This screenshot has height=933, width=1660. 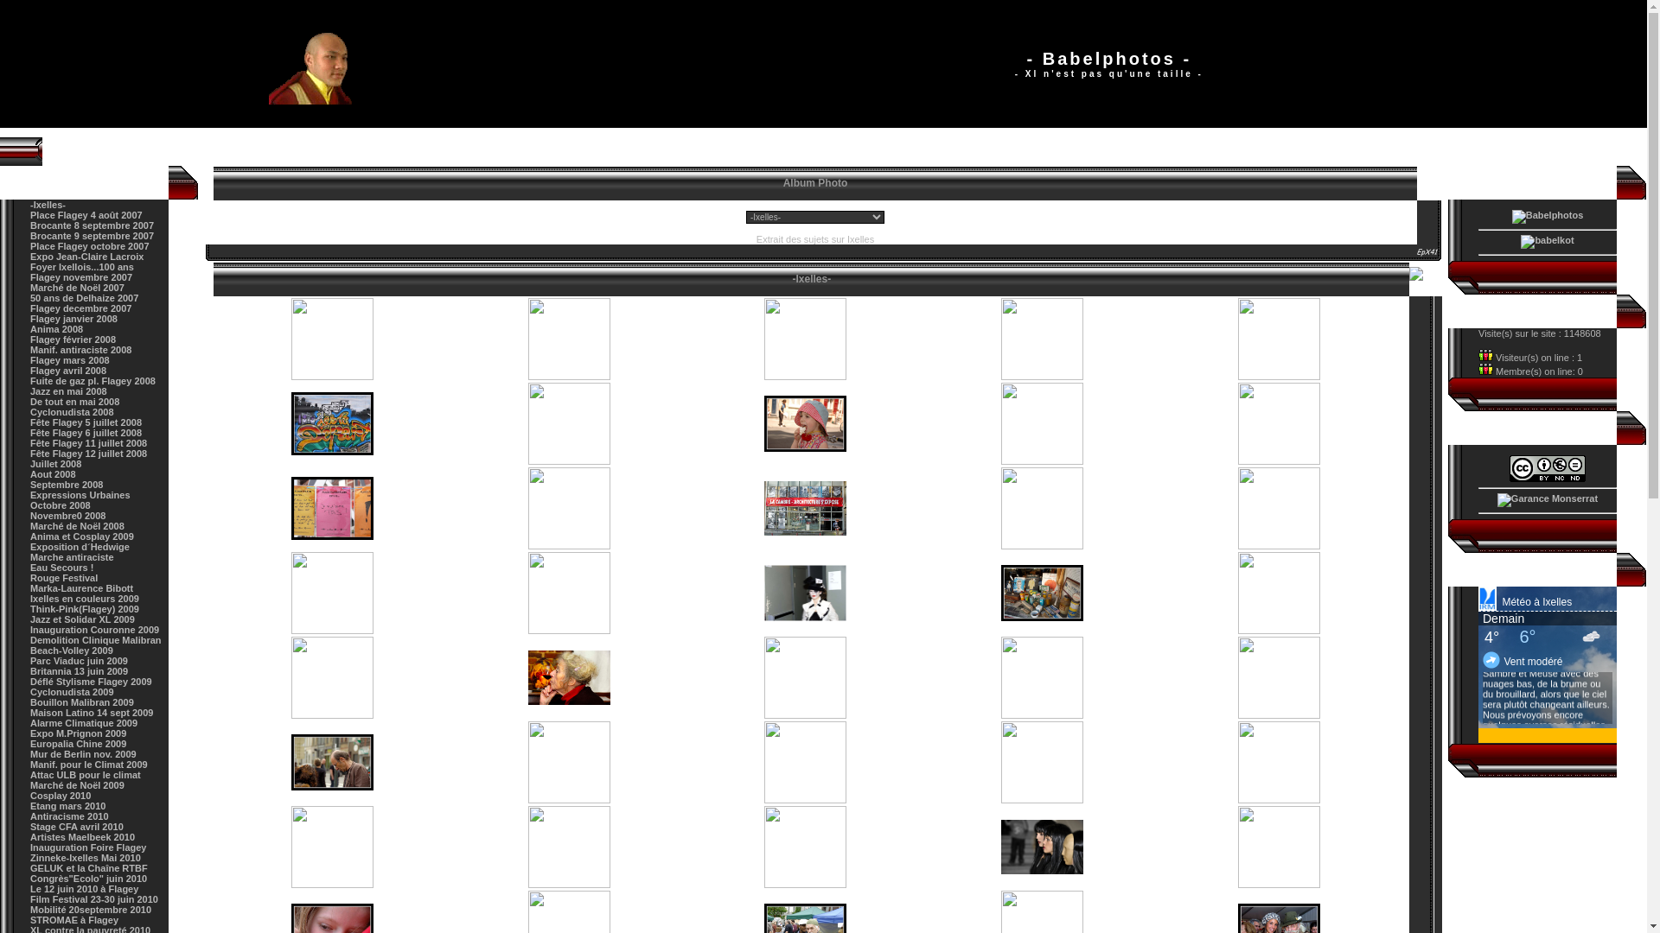 What do you see at coordinates (55, 462) in the screenshot?
I see `'Juillet 2008'` at bounding box center [55, 462].